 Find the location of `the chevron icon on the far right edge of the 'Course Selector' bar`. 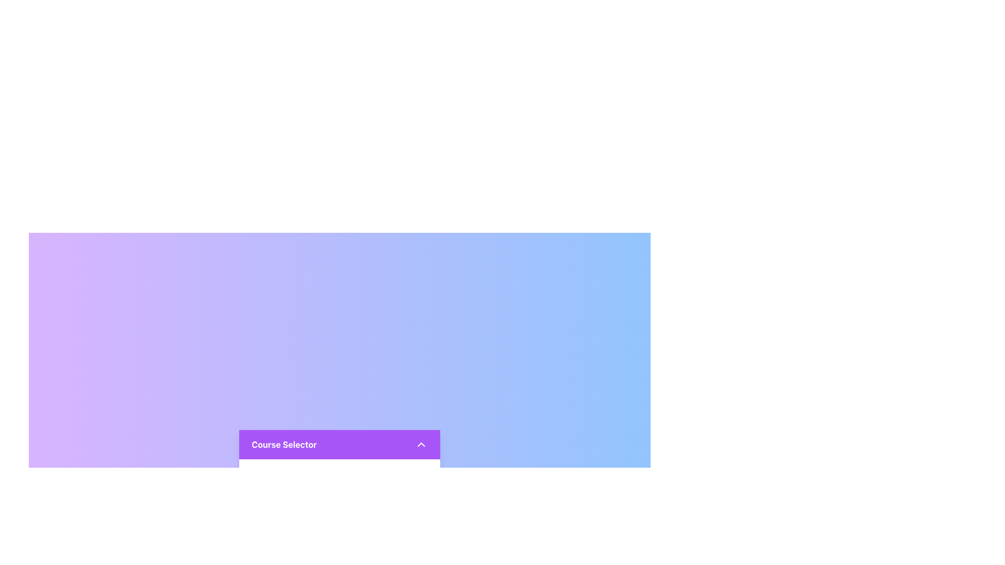

the chevron icon on the far right edge of the 'Course Selector' bar is located at coordinates (421, 444).